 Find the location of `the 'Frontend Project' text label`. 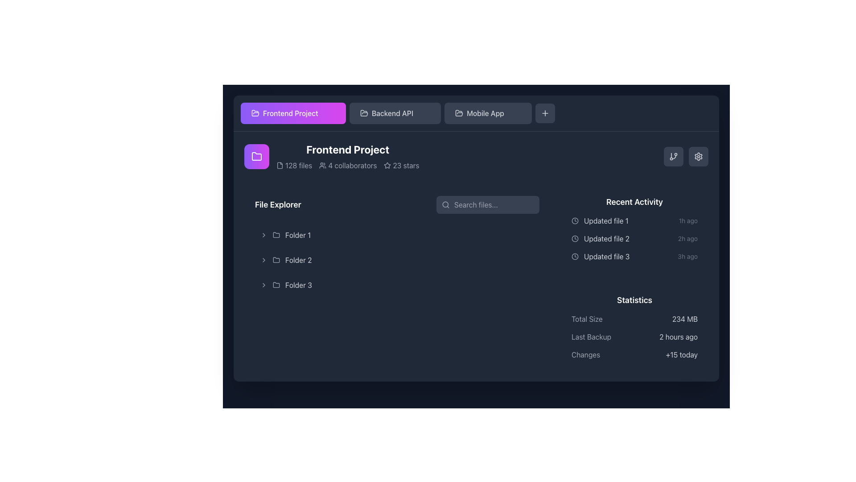

the 'Frontend Project' text label is located at coordinates (290, 113).